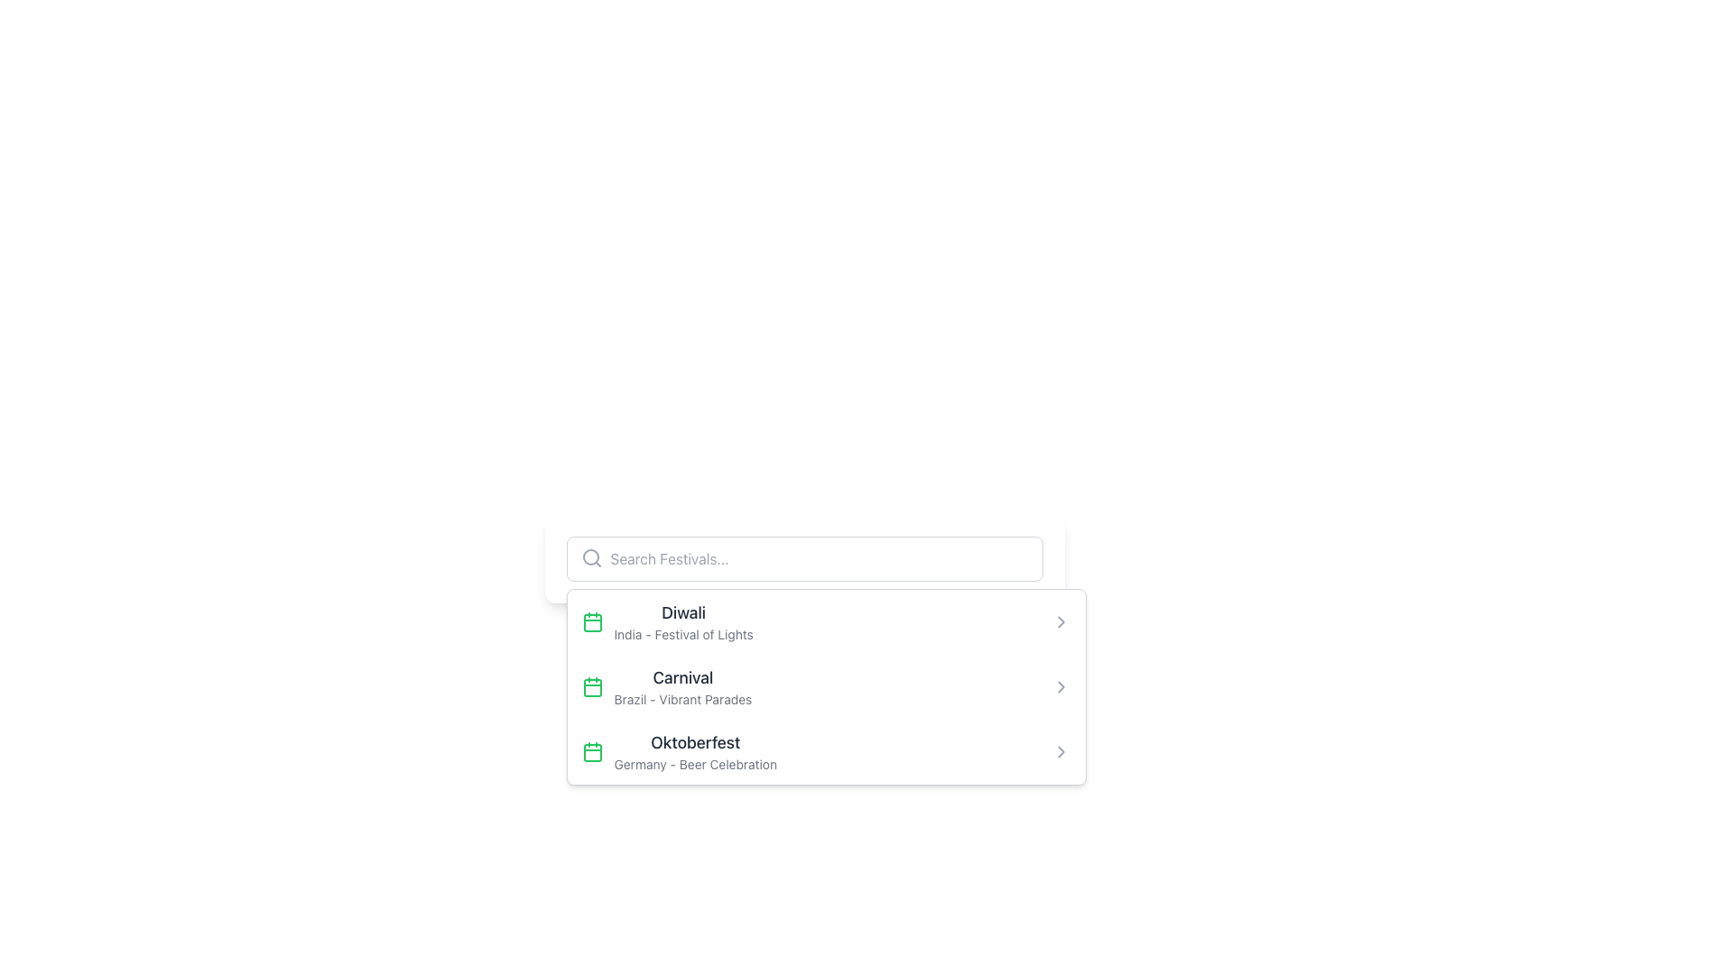  I want to click on the Oktoberfest entry, so click(678, 751).